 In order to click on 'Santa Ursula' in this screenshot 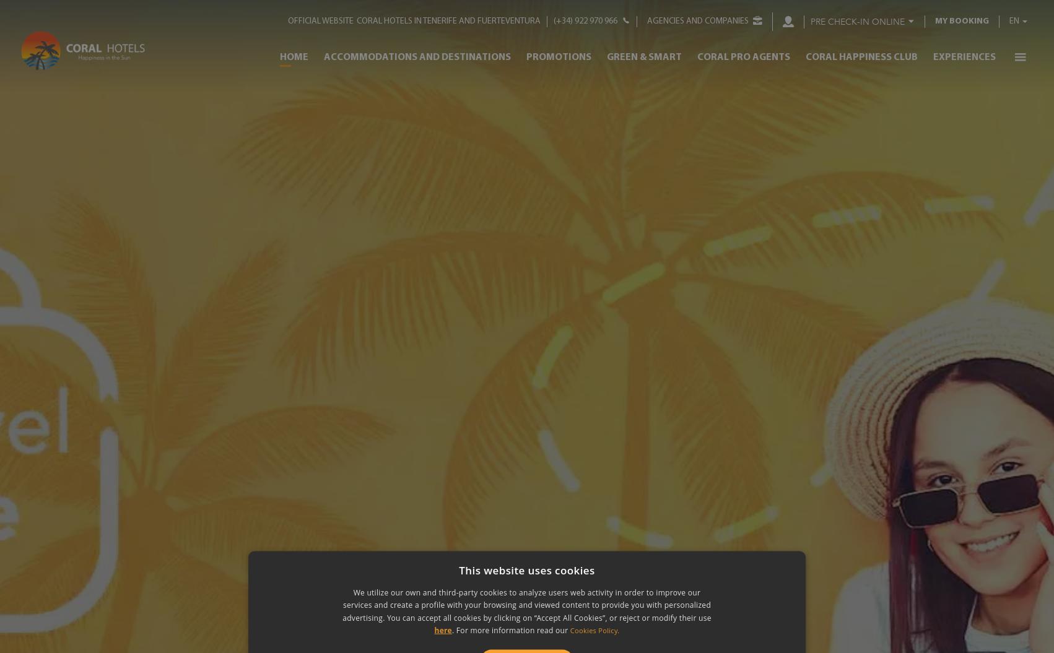, I will do `click(377, 185)`.